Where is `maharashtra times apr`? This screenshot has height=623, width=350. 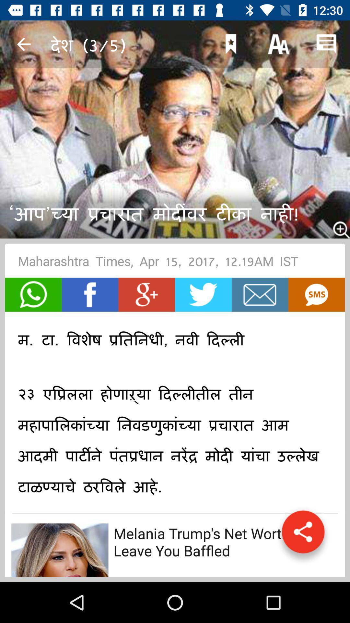
maharashtra times apr is located at coordinates (175, 263).